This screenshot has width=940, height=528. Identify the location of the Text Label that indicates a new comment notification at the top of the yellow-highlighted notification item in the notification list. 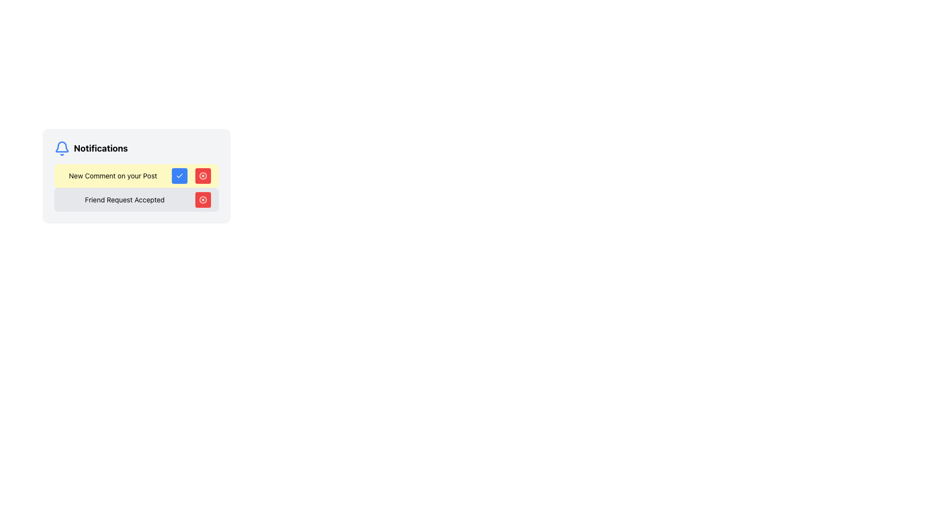
(113, 175).